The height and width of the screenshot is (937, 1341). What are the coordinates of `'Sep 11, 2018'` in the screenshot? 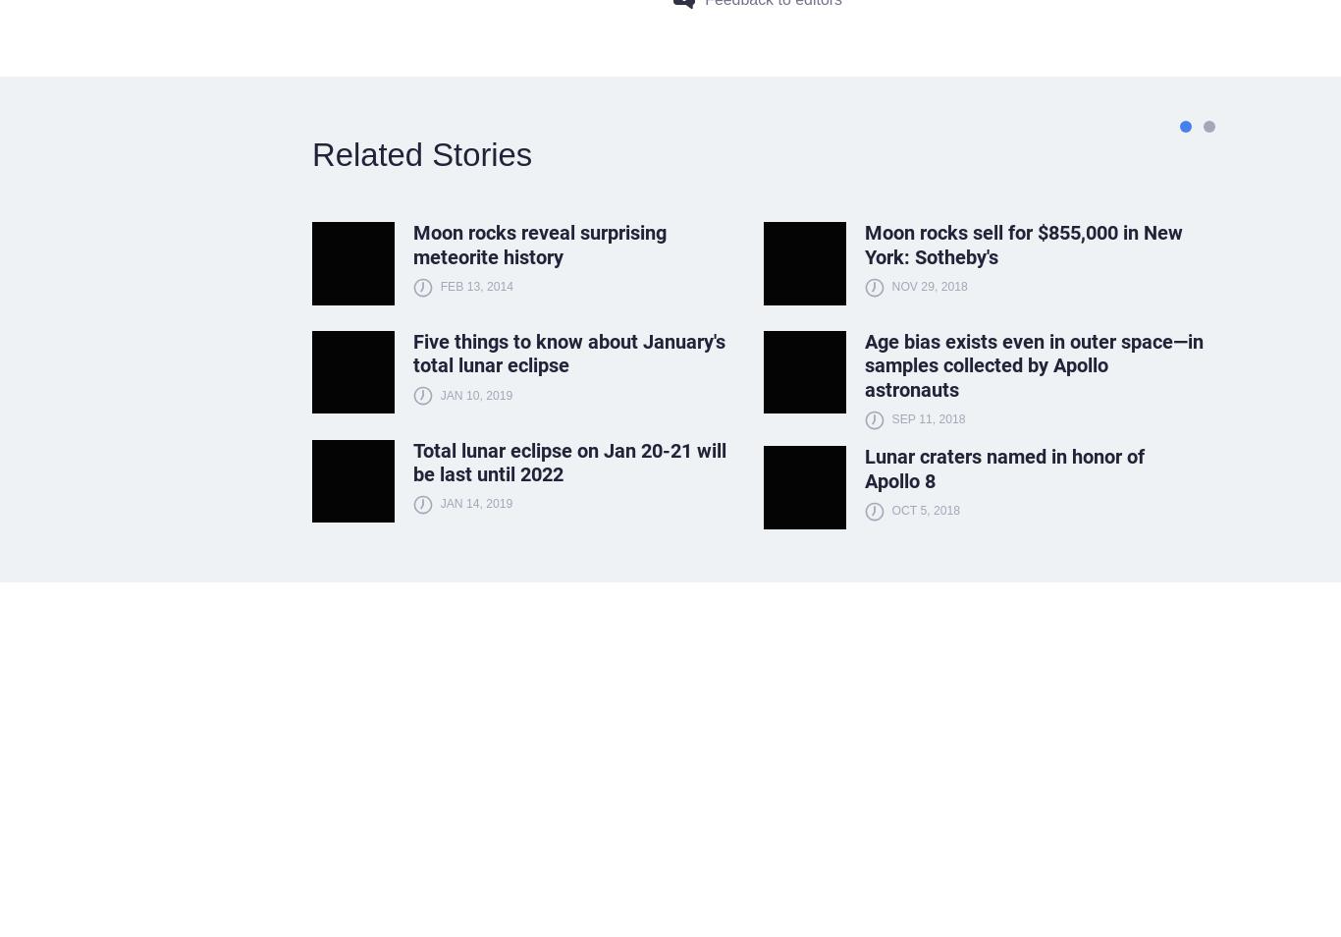 It's located at (928, 417).